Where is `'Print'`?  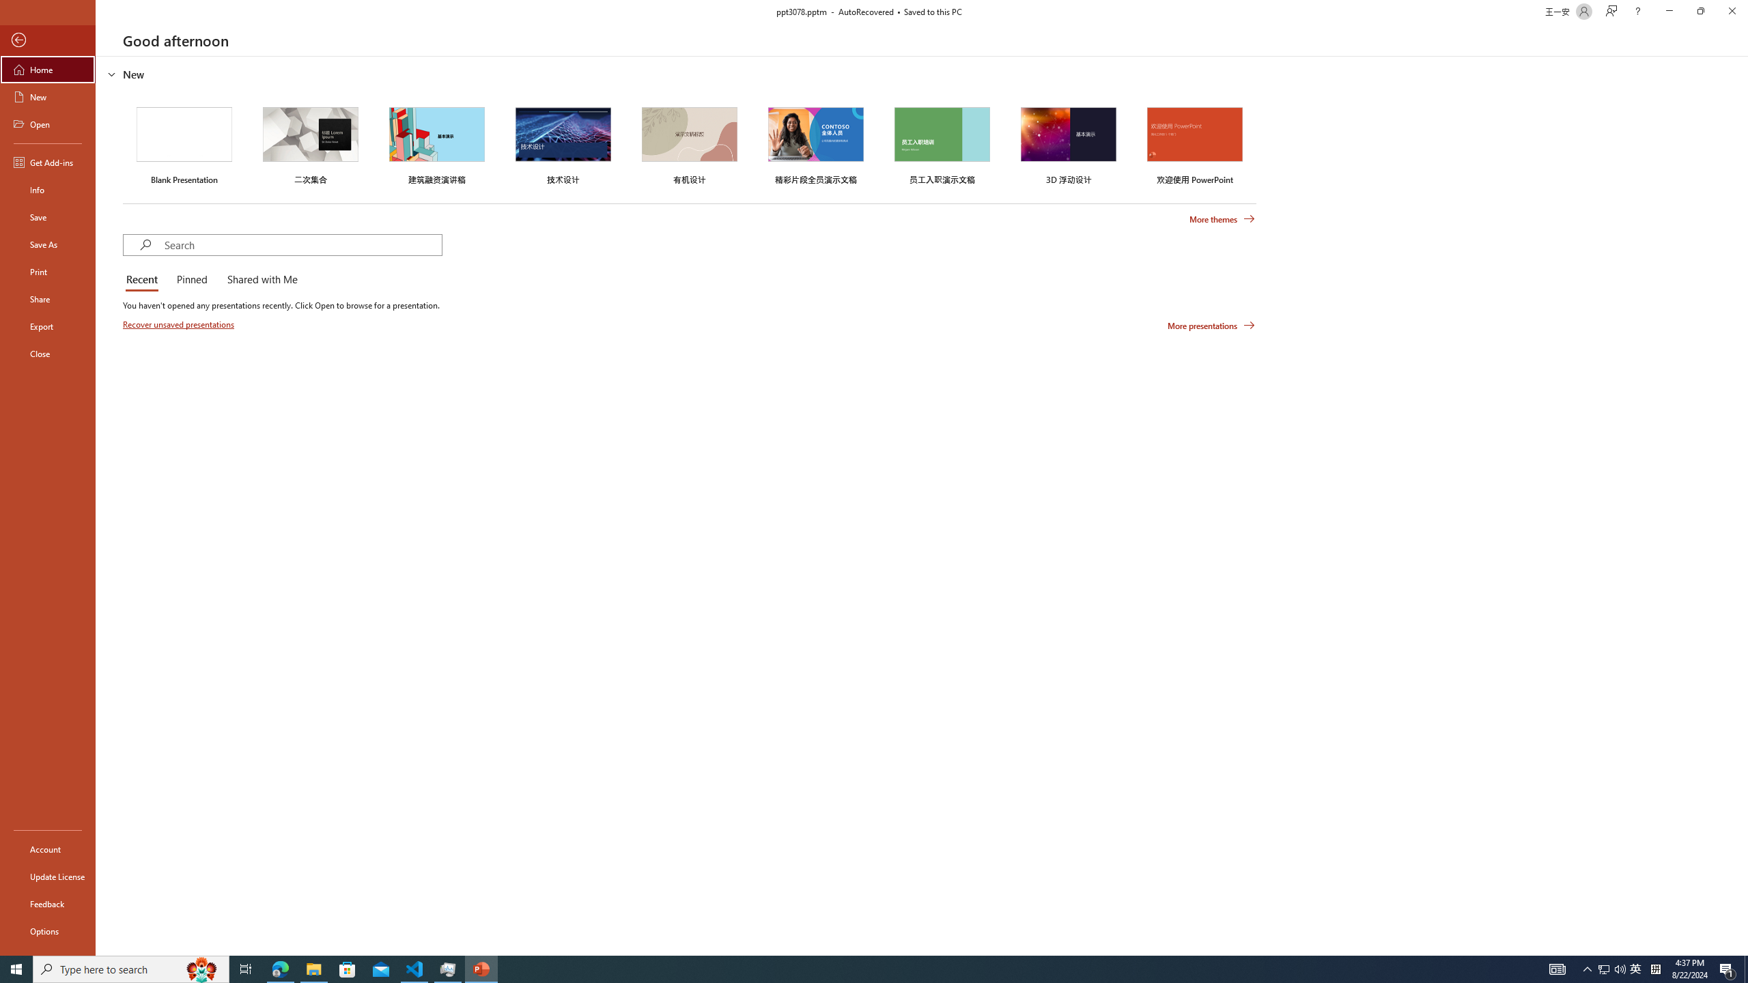
'Print' is located at coordinates (47, 271).